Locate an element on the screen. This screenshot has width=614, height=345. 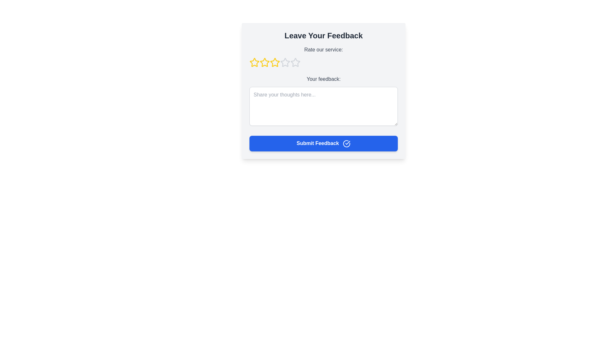
the confirmation icon located to the right of the 'Submit Feedback' button is located at coordinates (346, 143).